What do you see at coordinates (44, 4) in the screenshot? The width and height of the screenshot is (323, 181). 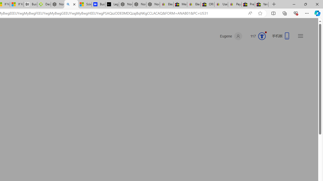 I see `'Descarga Driver Updater'` at bounding box center [44, 4].